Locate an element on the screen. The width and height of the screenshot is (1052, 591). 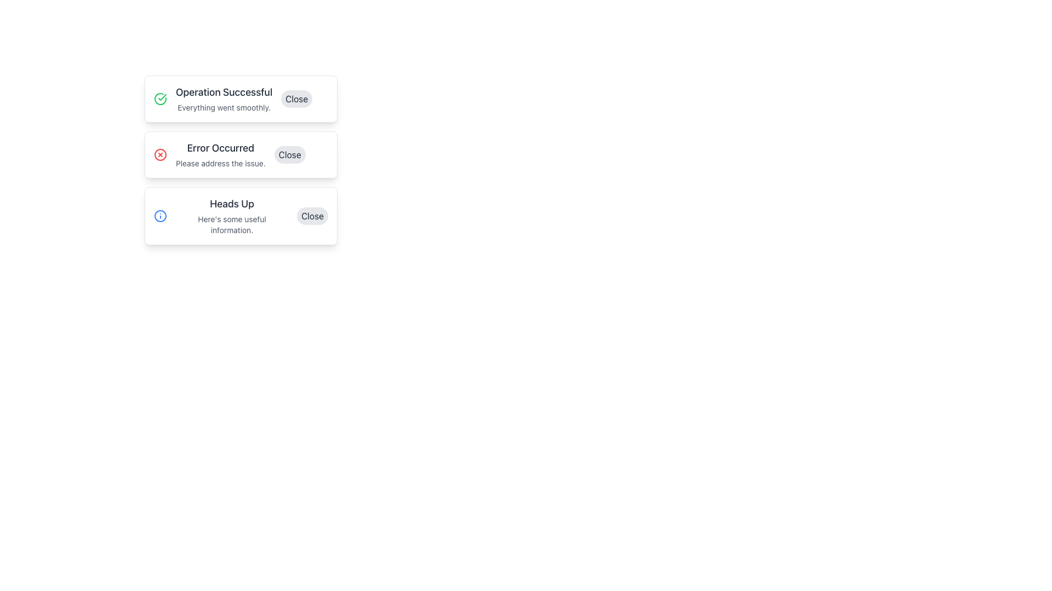
the Text Label that indicates 'Error Occurred' in the notification, which serves as a heading for the error context is located at coordinates (220, 148).